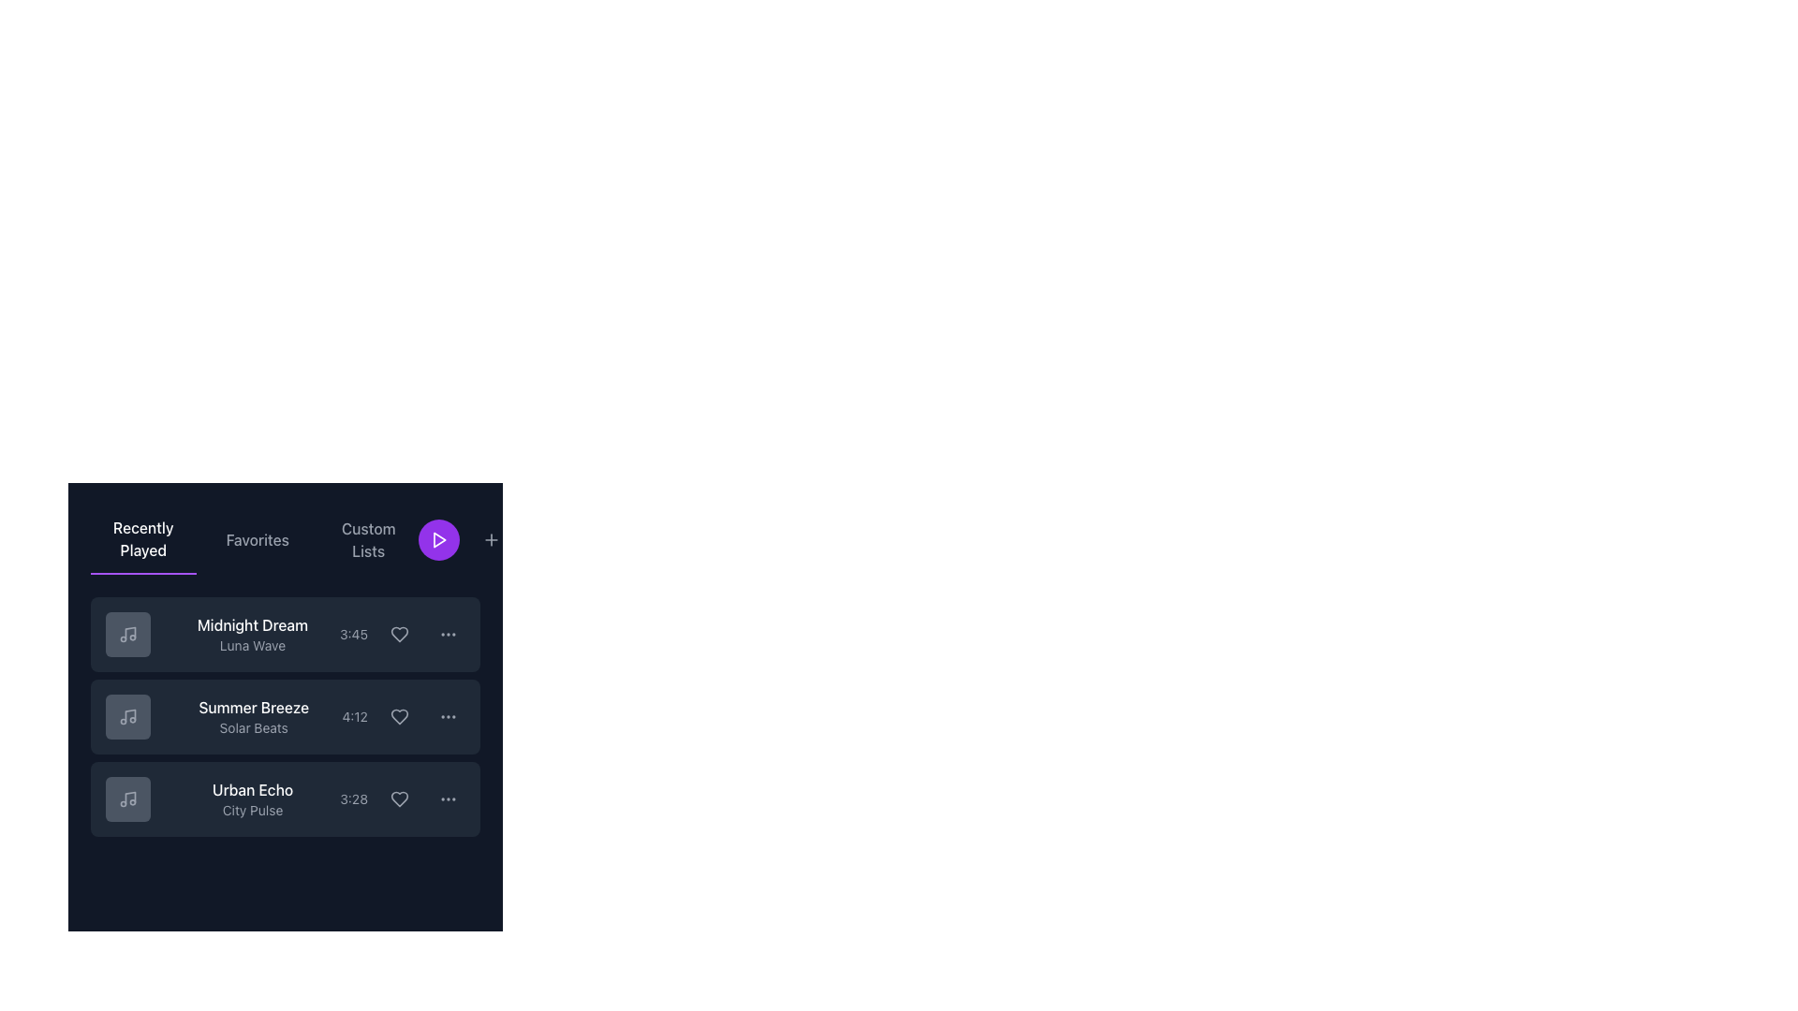 Image resolution: width=1798 pixels, height=1011 pixels. Describe the element at coordinates (438, 540) in the screenshot. I see `the white triangular play button located in the top-right segment of the interface, adjacent to the 'Custom Lists' label, to initiate playback` at that location.